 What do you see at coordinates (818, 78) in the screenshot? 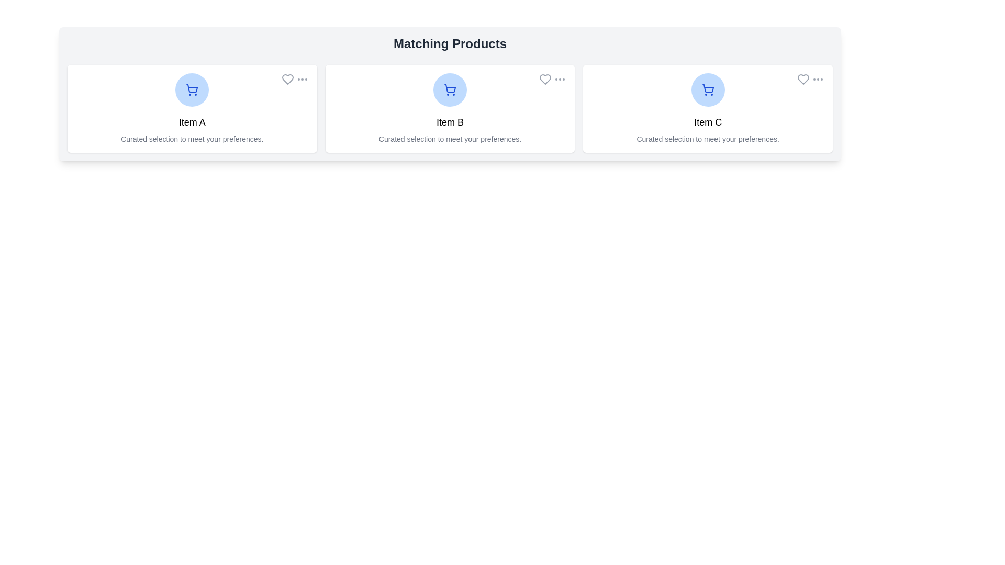
I see `the 'more options' button for Item C` at bounding box center [818, 78].